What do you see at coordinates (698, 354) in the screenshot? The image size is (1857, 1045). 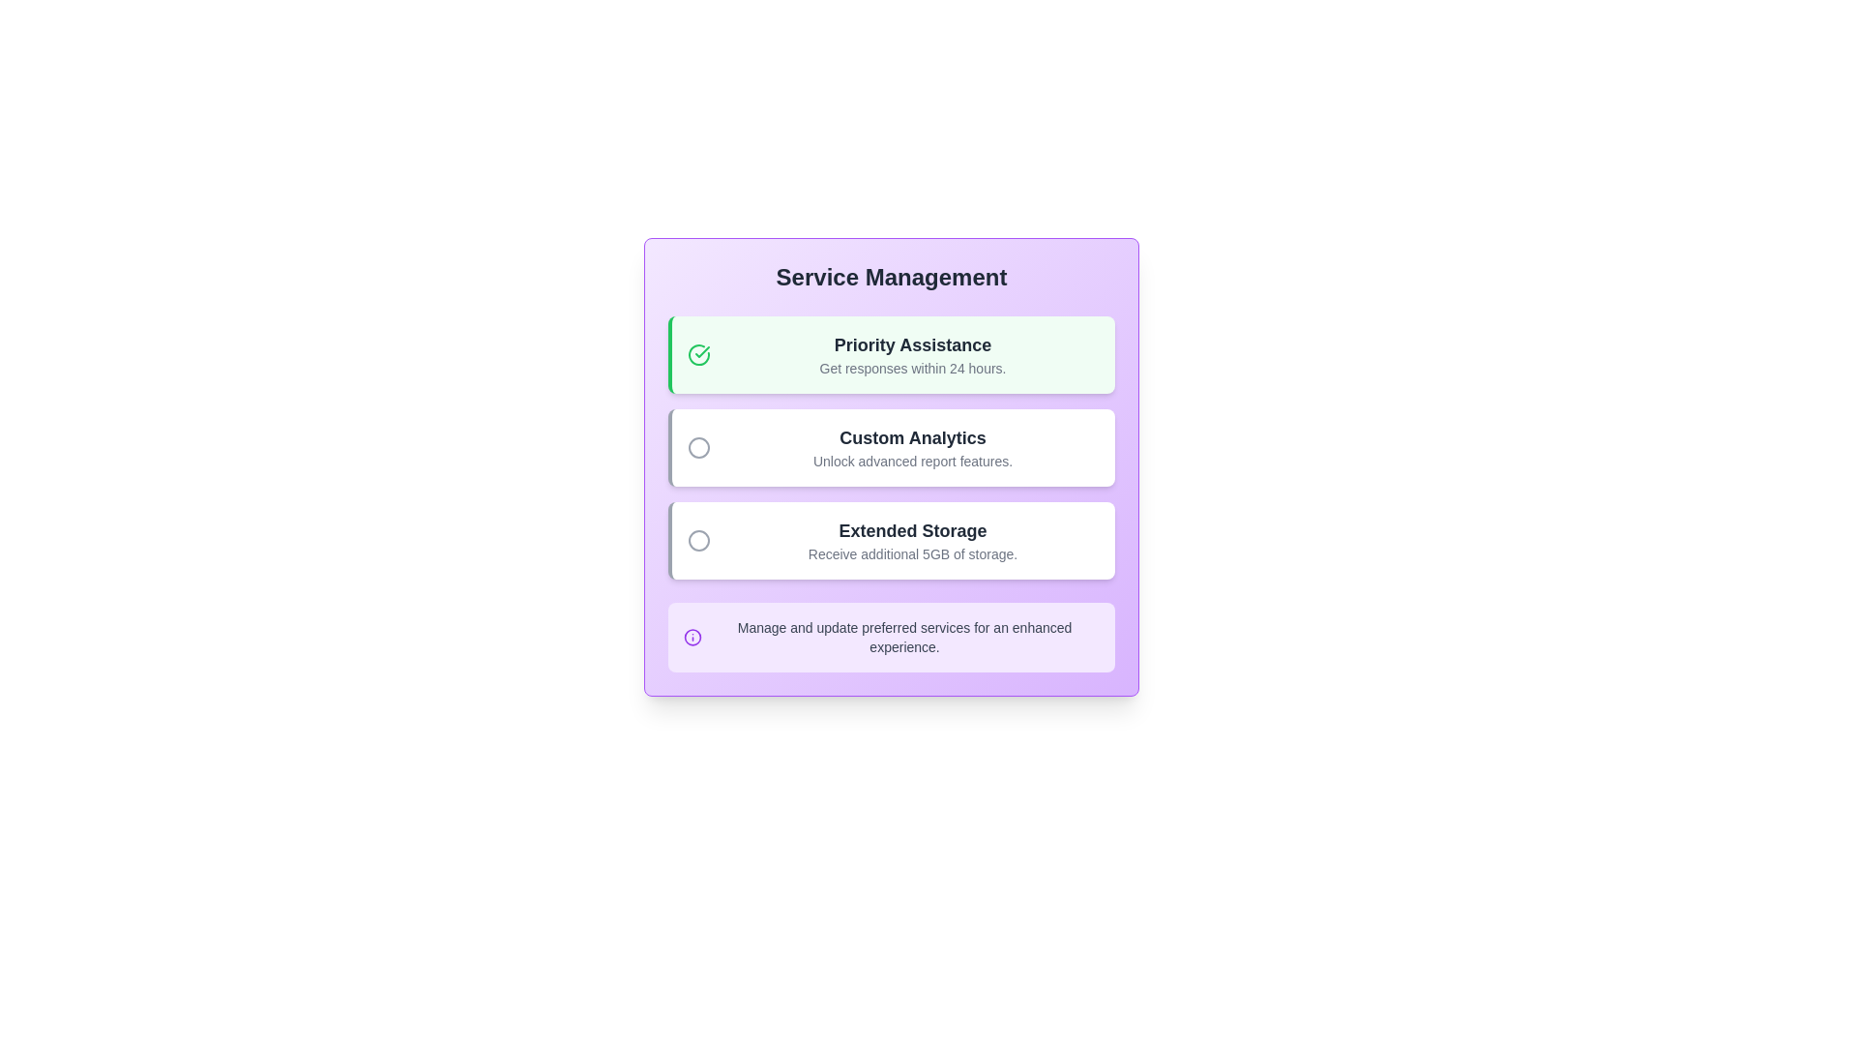 I see `the state of the circular green checkmark icon located to the left of the 'Priority Assistance' text within the 'Service Management' section` at bounding box center [698, 354].